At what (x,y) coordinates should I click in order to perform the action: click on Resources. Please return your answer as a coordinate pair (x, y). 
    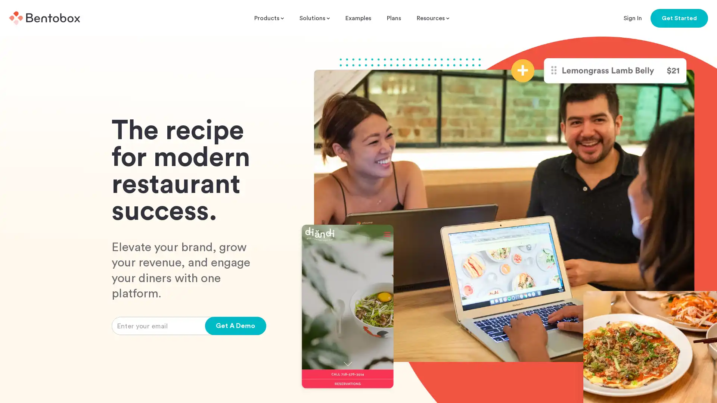
    Looking at the image, I should click on (433, 18).